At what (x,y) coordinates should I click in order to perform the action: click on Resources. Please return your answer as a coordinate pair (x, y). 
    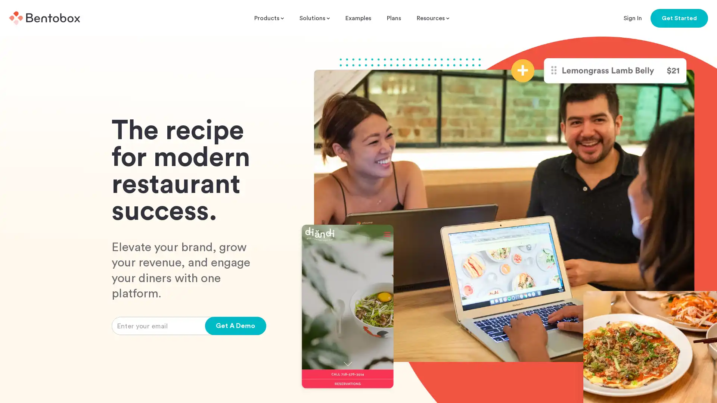
    Looking at the image, I should click on (433, 18).